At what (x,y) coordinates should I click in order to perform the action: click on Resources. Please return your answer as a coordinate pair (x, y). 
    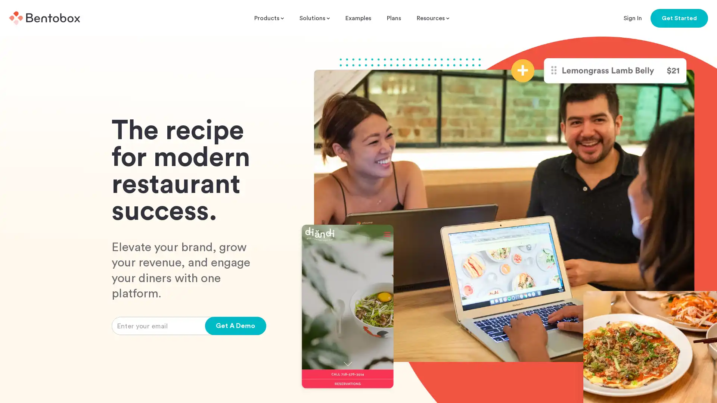
    Looking at the image, I should click on (433, 18).